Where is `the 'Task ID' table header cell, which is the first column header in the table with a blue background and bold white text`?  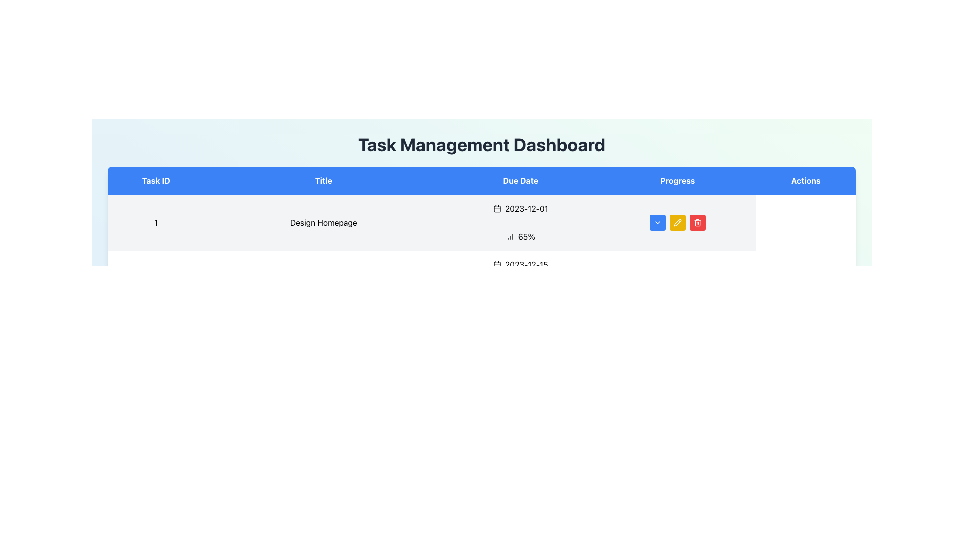 the 'Task ID' table header cell, which is the first column header in the table with a blue background and bold white text is located at coordinates (155, 180).